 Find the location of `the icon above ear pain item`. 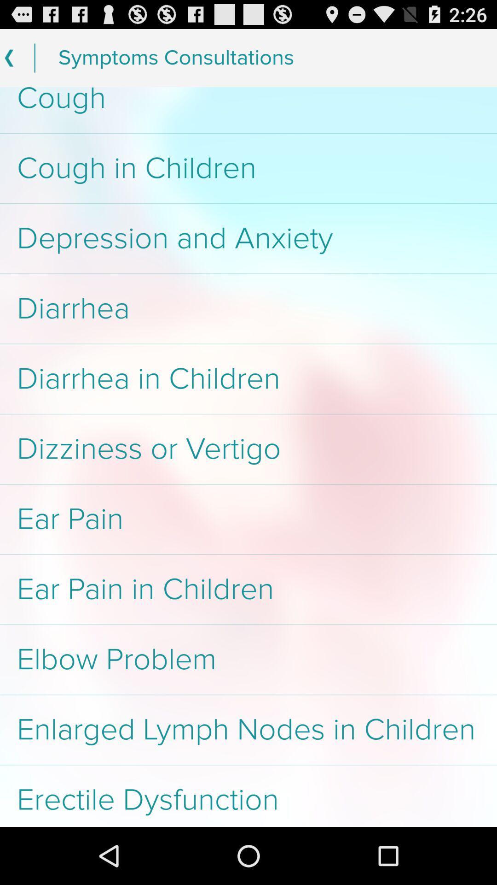

the icon above ear pain item is located at coordinates (248, 449).